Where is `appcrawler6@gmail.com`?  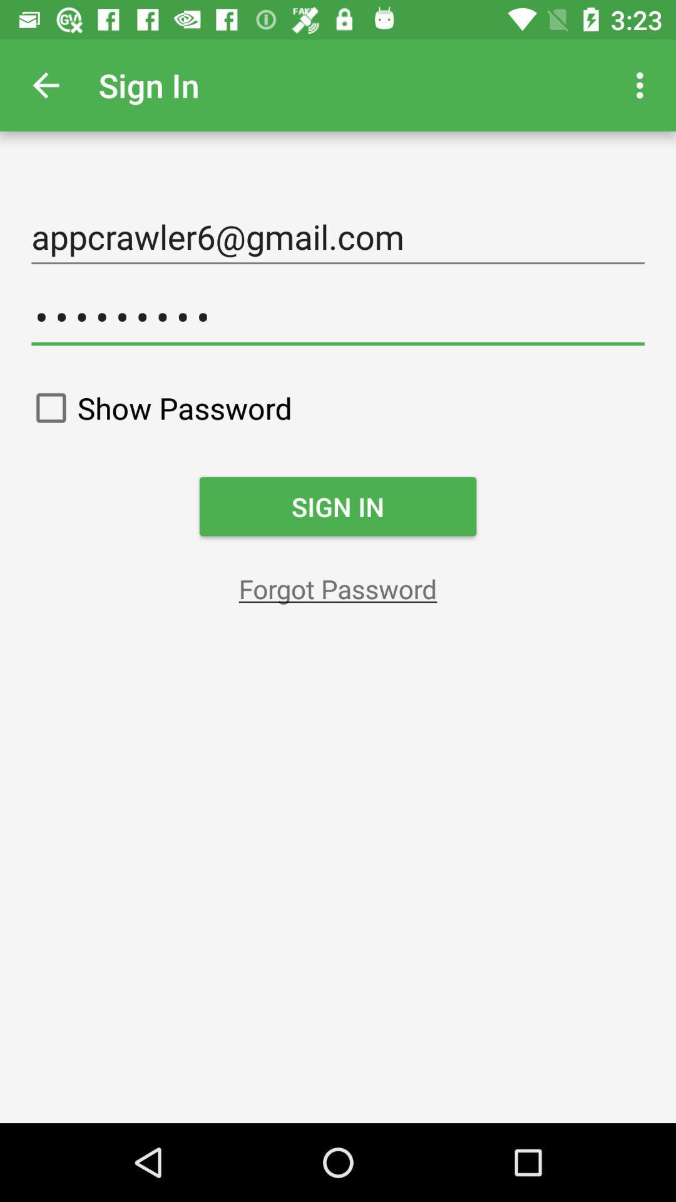
appcrawler6@gmail.com is located at coordinates (338, 237).